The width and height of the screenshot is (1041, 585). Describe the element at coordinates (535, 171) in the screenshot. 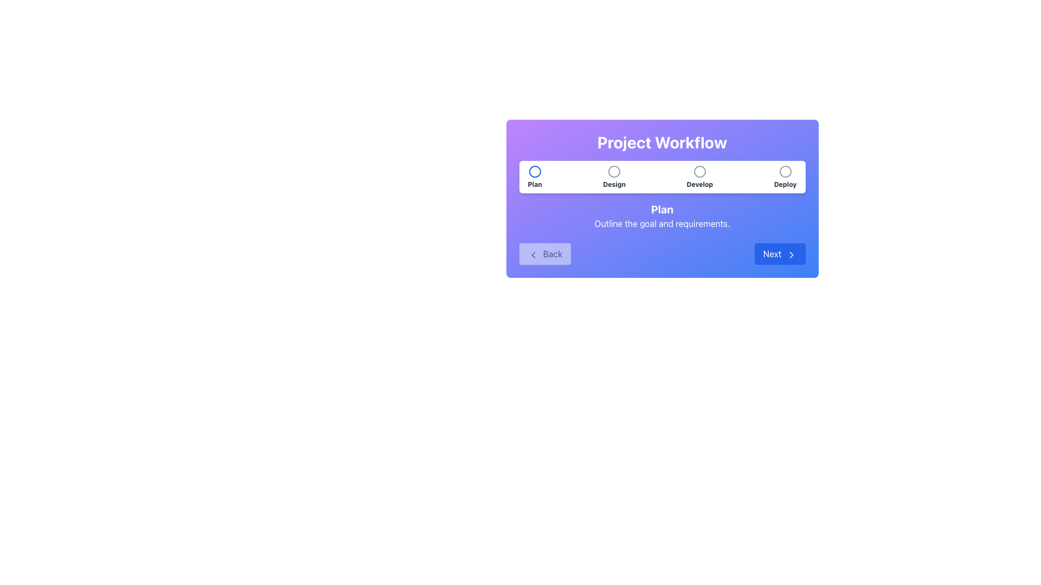

I see `the visual state of the Graphical Indicator element, which is a circular shape with a blue outline and a white interior located in the 'Plan' section of the project workflow interface` at that location.